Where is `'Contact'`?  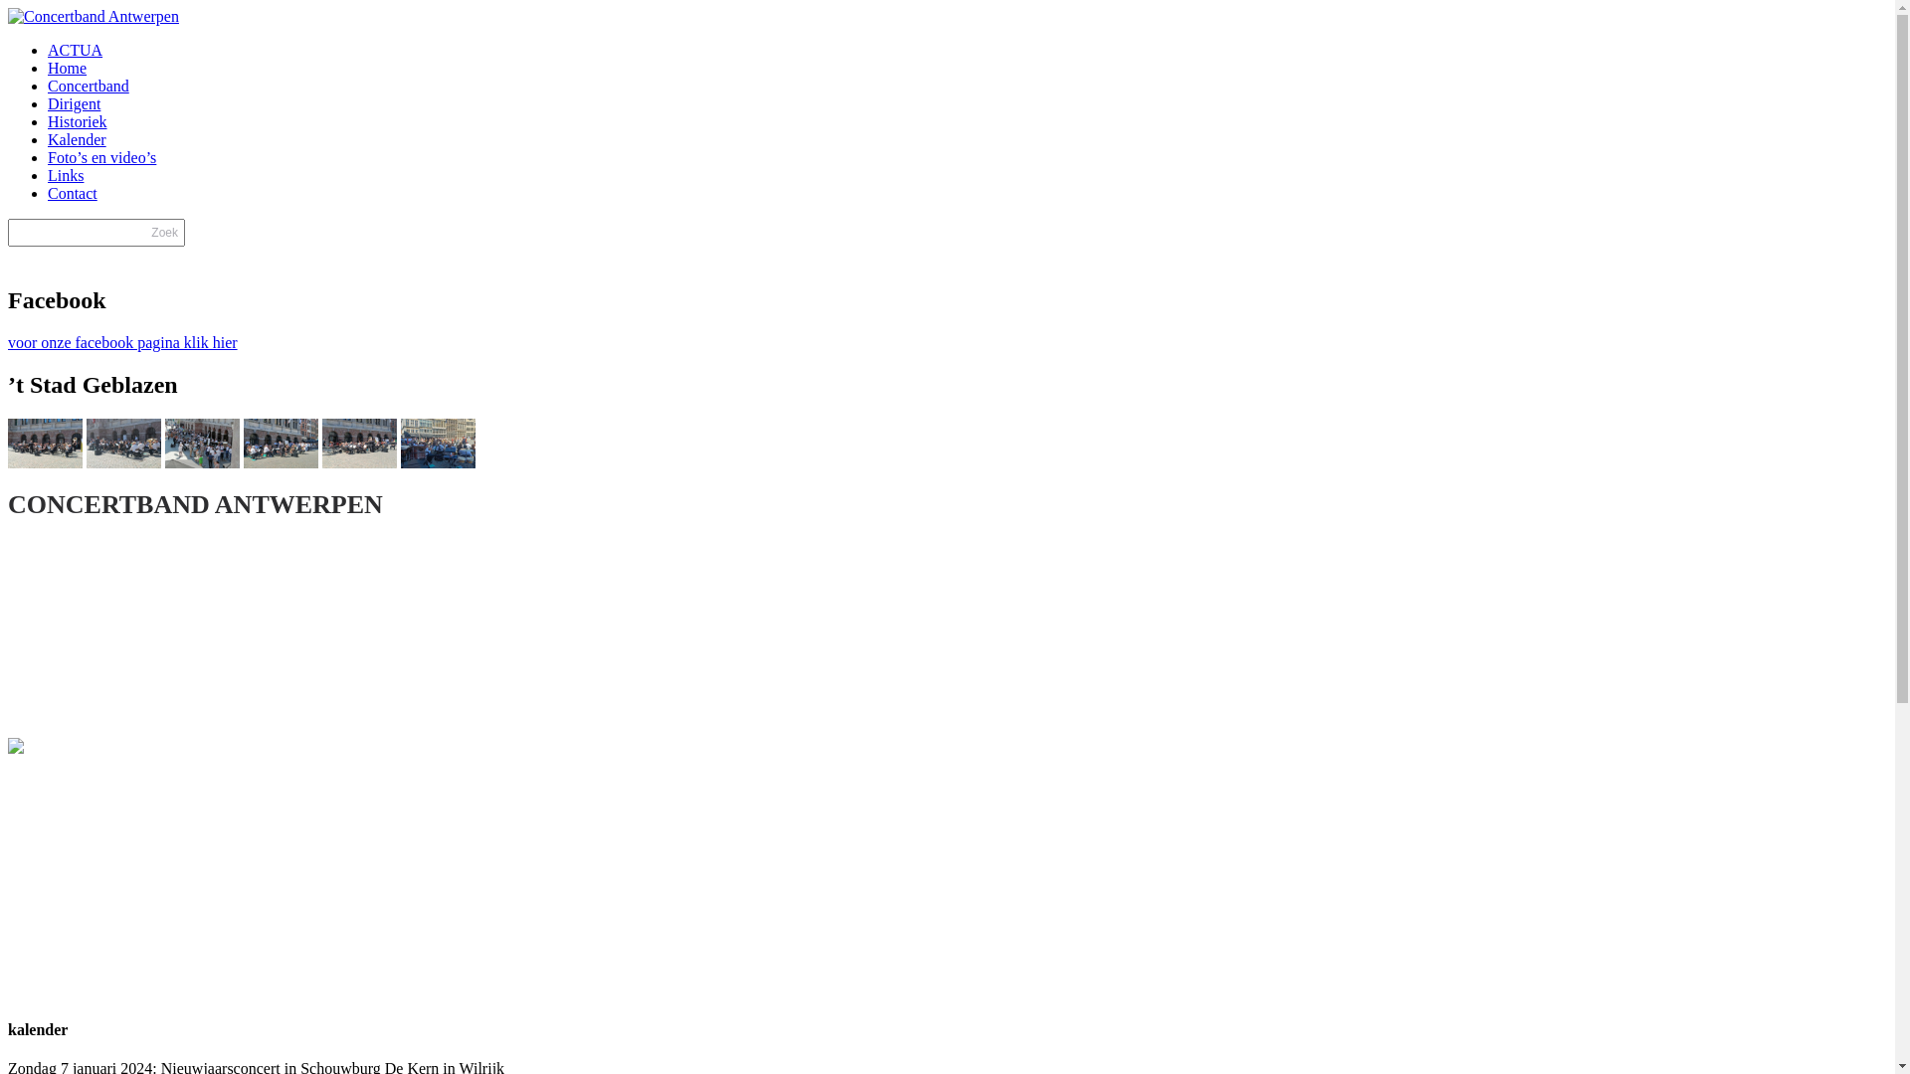 'Contact' is located at coordinates (72, 193).